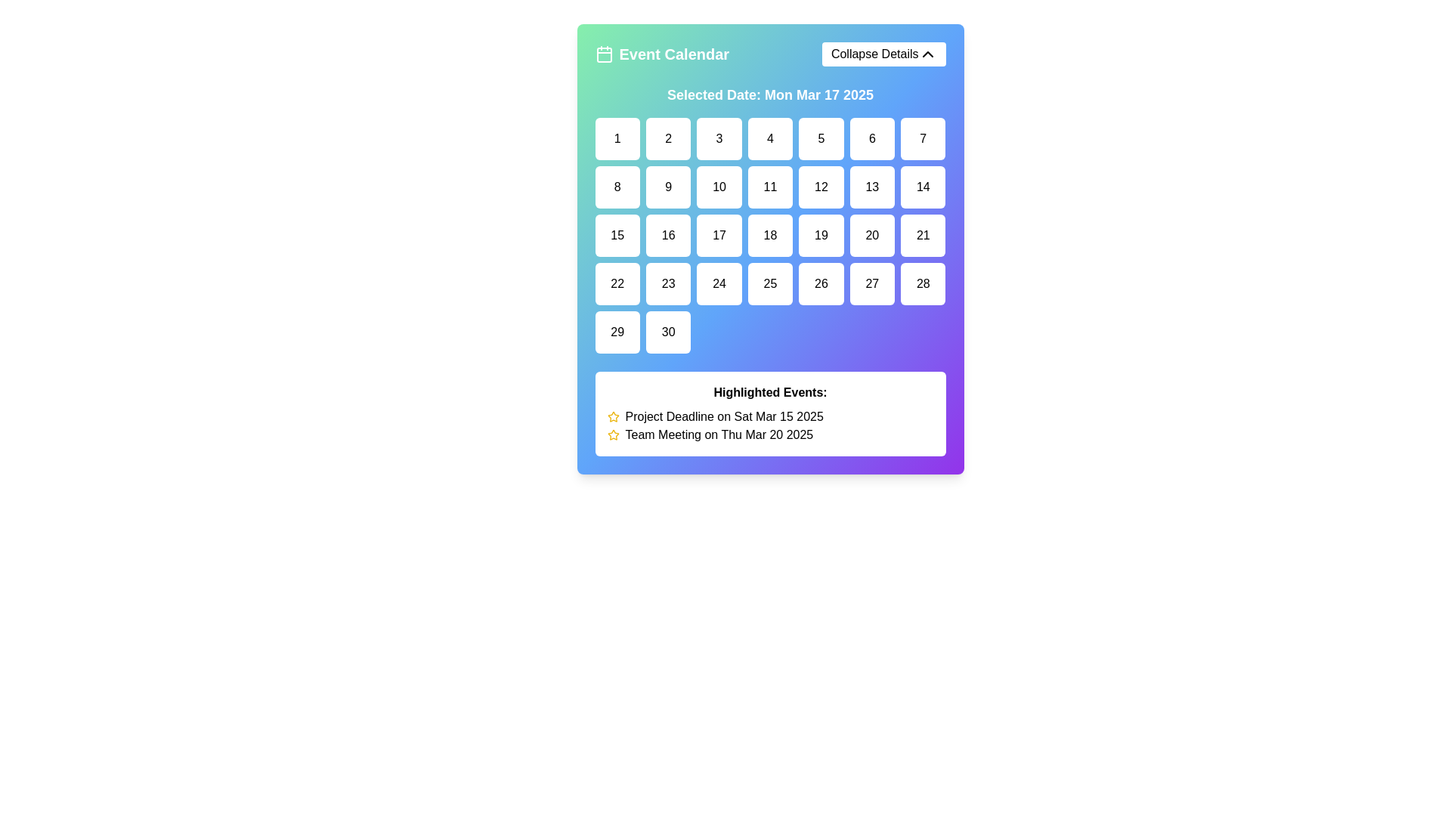  What do you see at coordinates (667, 236) in the screenshot?
I see `the calendar day button representing '16' to trigger a visual enlargement effect` at bounding box center [667, 236].